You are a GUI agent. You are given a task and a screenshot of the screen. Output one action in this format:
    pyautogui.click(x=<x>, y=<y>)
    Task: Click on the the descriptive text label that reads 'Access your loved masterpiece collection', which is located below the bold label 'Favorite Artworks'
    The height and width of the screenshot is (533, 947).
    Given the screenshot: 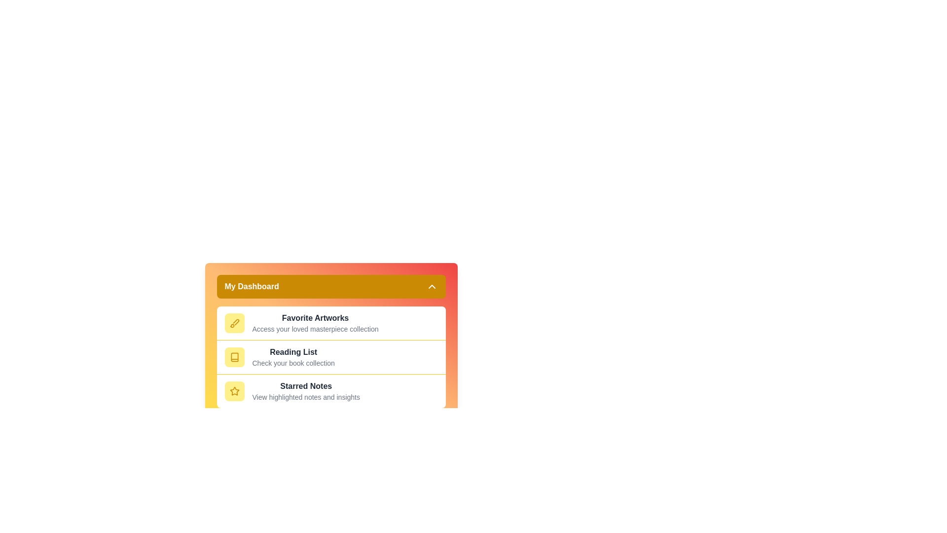 What is the action you would take?
    pyautogui.click(x=315, y=329)
    